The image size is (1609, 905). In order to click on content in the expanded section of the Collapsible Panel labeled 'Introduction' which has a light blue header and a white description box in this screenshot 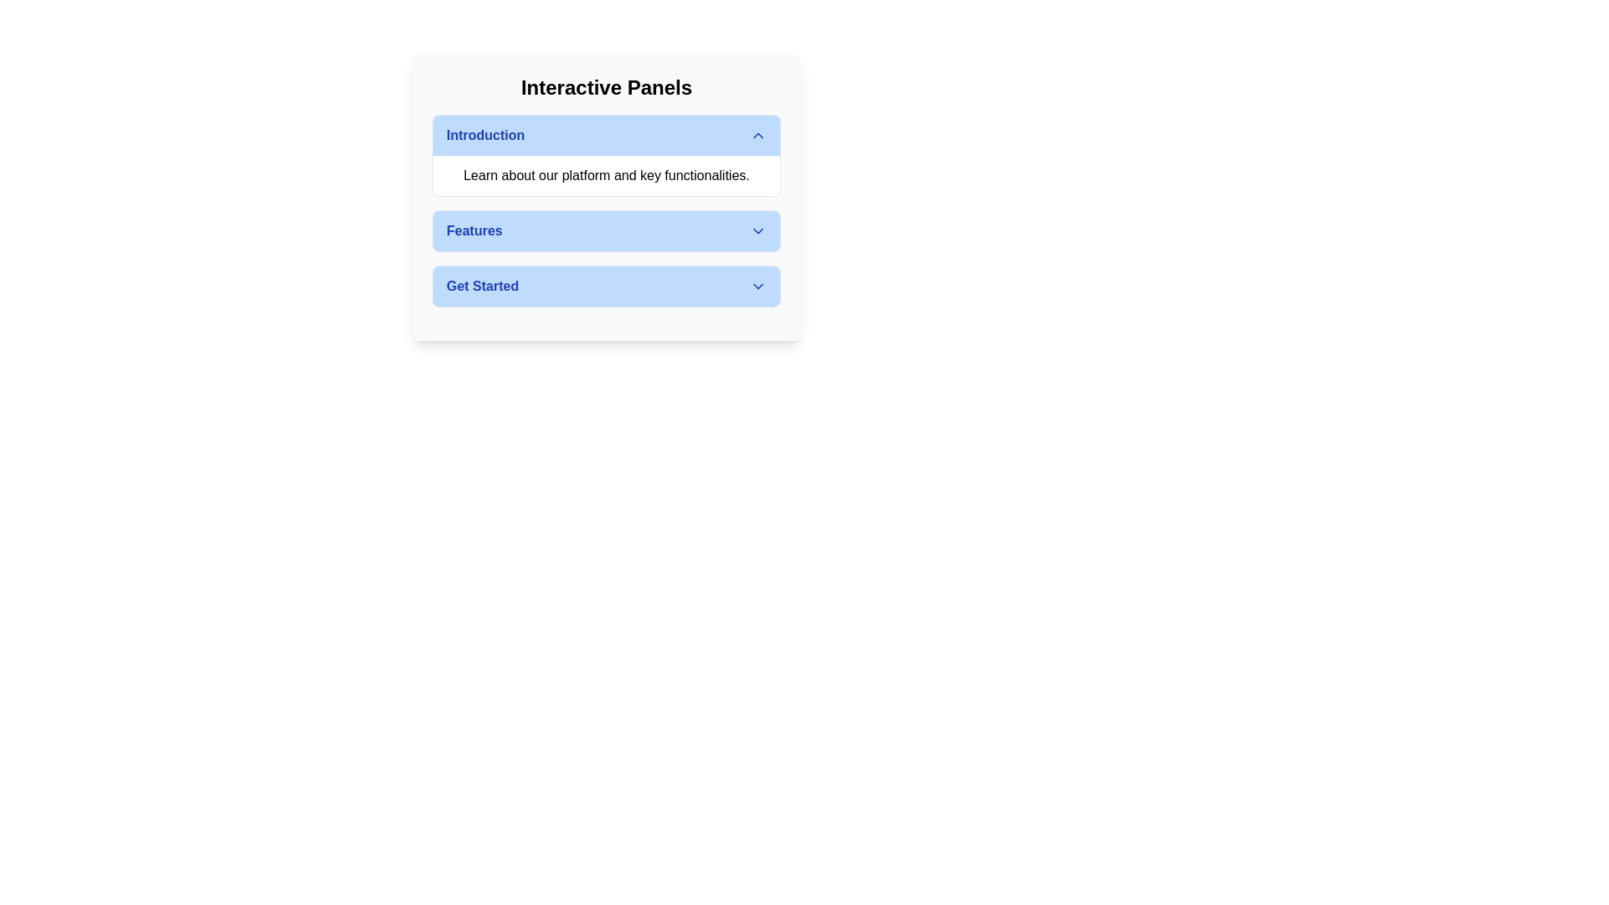, I will do `click(606, 155)`.